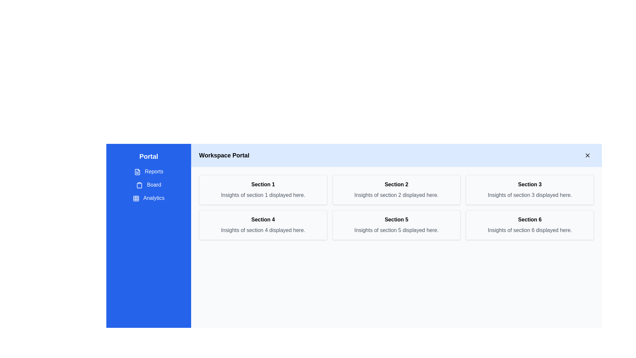 This screenshot has width=636, height=358. Describe the element at coordinates (588, 155) in the screenshot. I see `the close button located in the top-right corner of the 'Workspace Portal' panel` at that location.